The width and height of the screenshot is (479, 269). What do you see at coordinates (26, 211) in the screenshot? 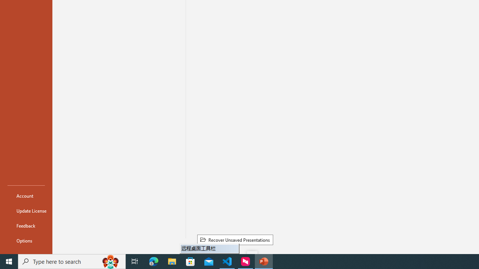
I see `'Update License'` at bounding box center [26, 211].